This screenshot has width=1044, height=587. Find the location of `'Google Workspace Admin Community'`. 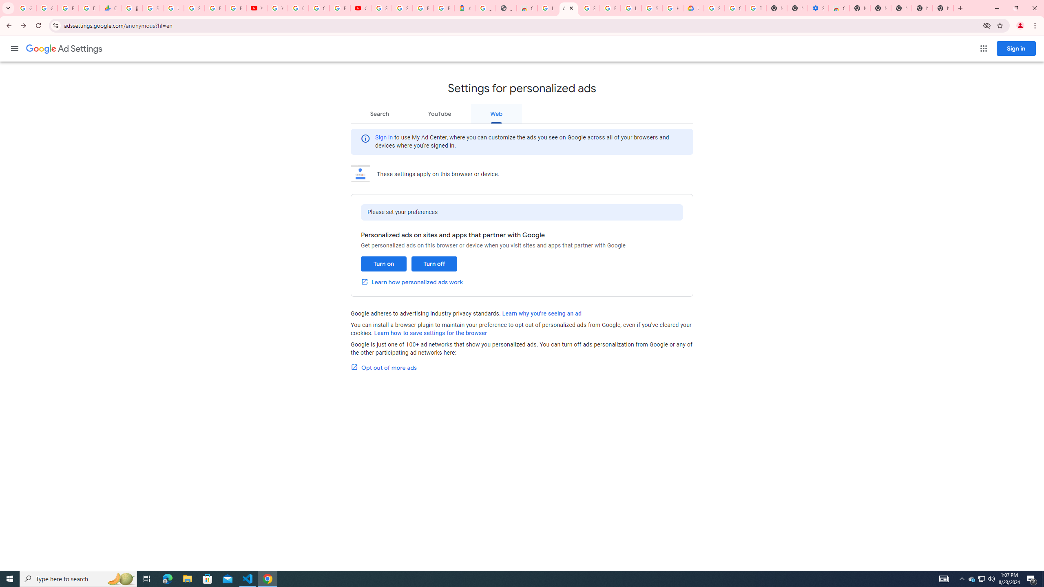

'Google Workspace Admin Community' is located at coordinates (25, 8).